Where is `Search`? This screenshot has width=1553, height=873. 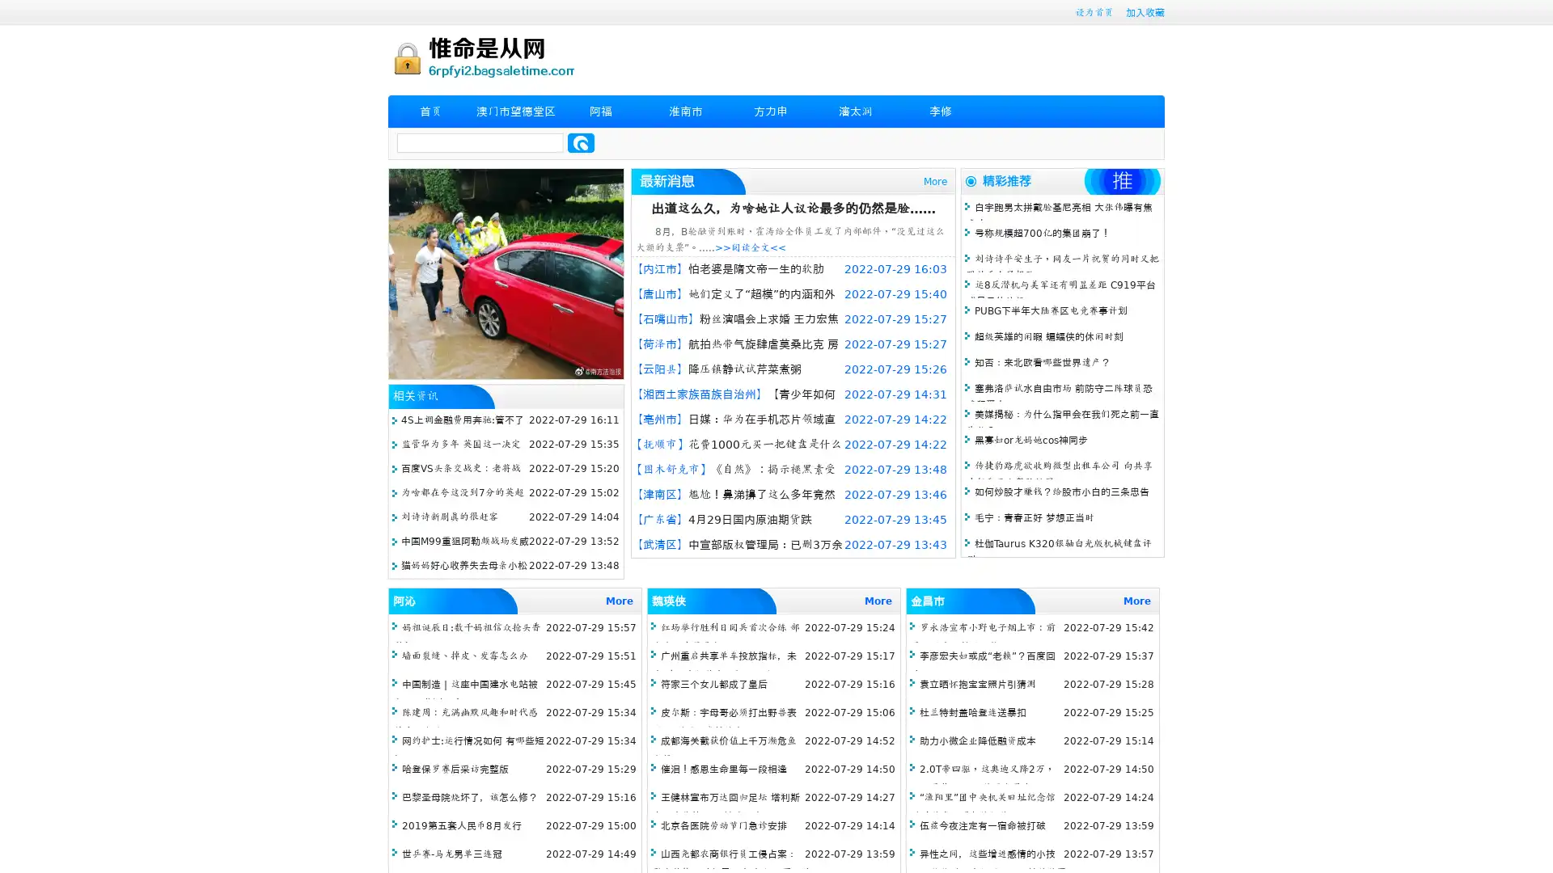 Search is located at coordinates (581, 142).